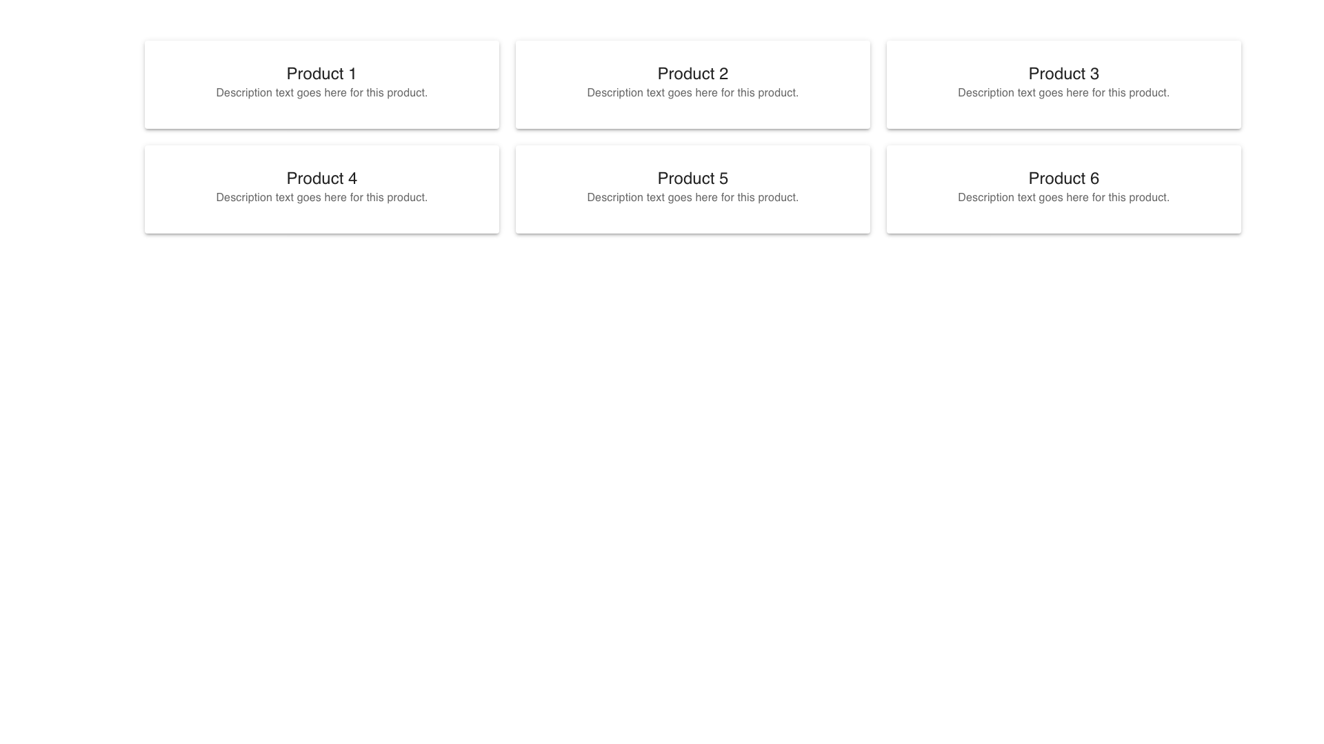 The image size is (1324, 744). What do you see at coordinates (321, 189) in the screenshot?
I see `displayed information from the Informational card for 'Product 4', which is located in the second row, first column of the grid arrangement` at bounding box center [321, 189].